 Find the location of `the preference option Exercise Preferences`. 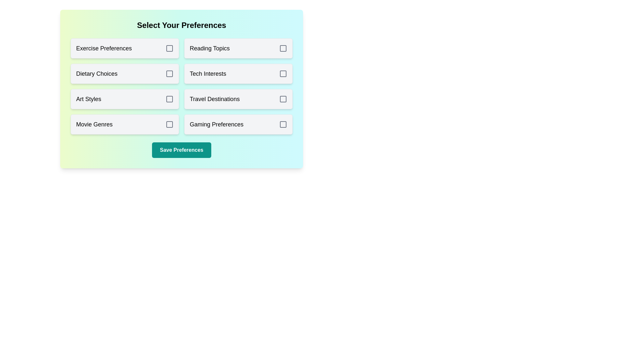

the preference option Exercise Preferences is located at coordinates (125, 48).